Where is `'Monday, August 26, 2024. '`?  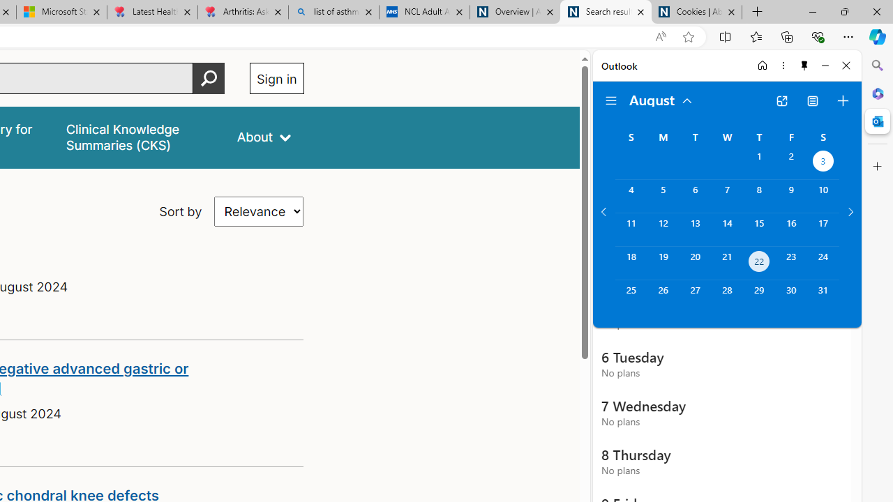 'Monday, August 26, 2024. ' is located at coordinates (662, 296).